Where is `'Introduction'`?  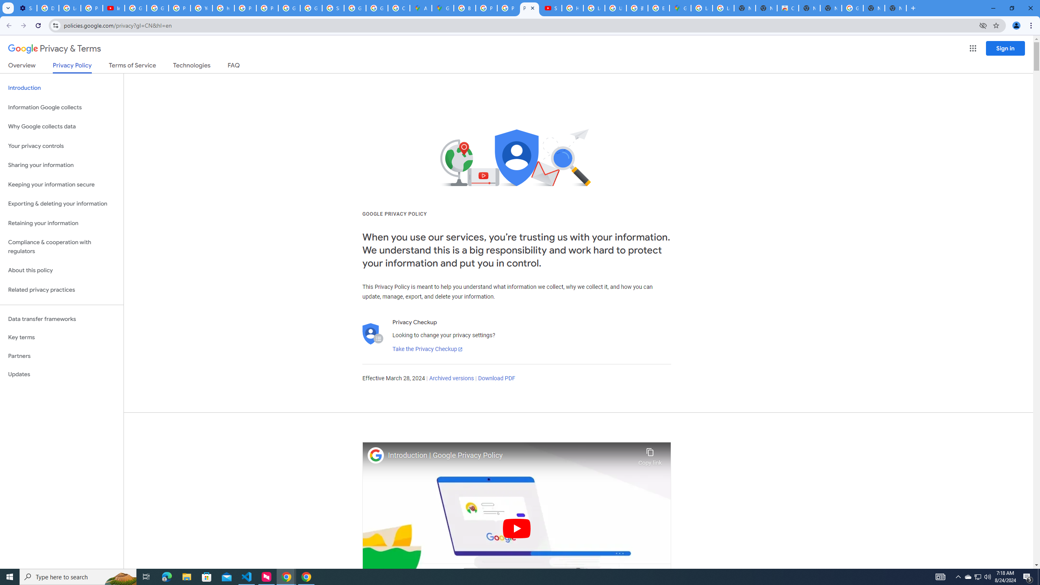
'Introduction' is located at coordinates (61, 87).